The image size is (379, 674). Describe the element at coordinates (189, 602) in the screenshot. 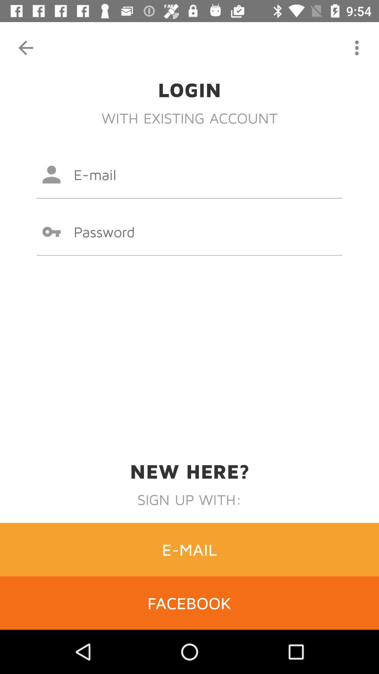

I see `facebook item` at that location.